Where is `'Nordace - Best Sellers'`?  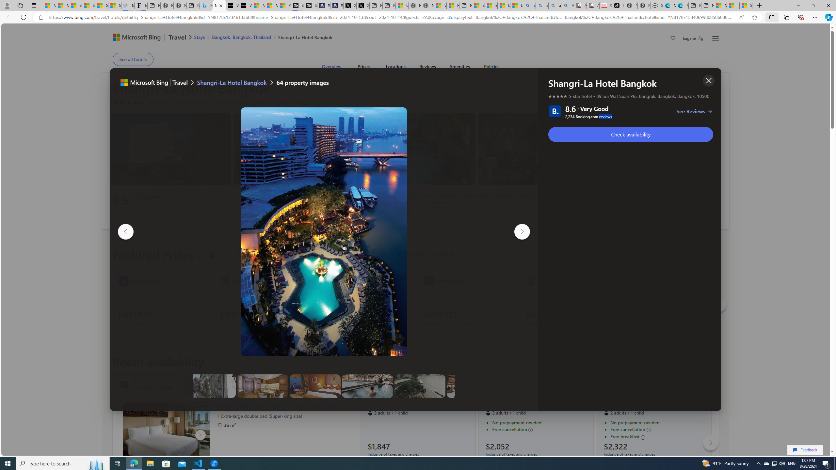
'Nordace - Best Sellers' is located at coordinates (631, 5).